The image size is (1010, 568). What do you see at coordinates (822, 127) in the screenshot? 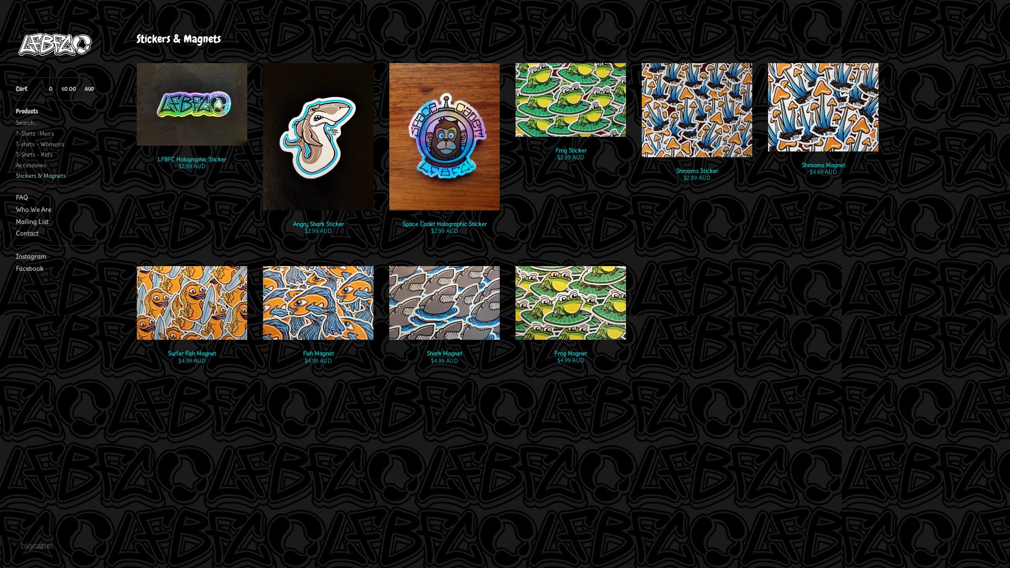
I see `'Shrooms Magnet` at bounding box center [822, 127].